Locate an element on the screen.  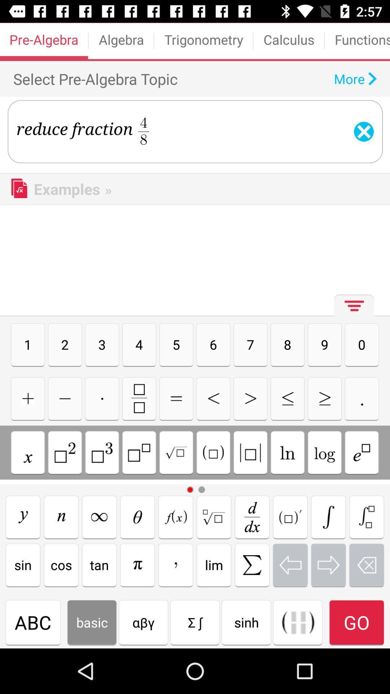
keywords button is located at coordinates (362, 452).